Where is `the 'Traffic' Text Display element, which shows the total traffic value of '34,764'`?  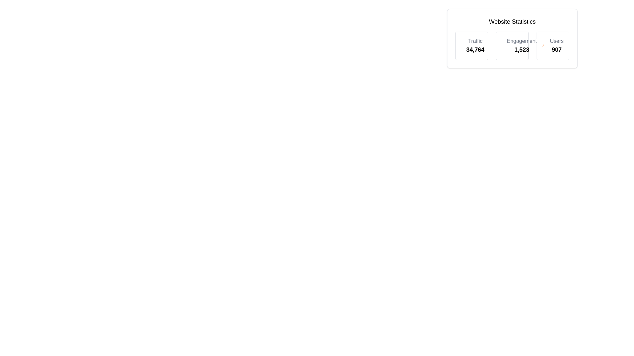
the 'Traffic' Text Display element, which shows the total traffic value of '34,764' is located at coordinates (475, 45).